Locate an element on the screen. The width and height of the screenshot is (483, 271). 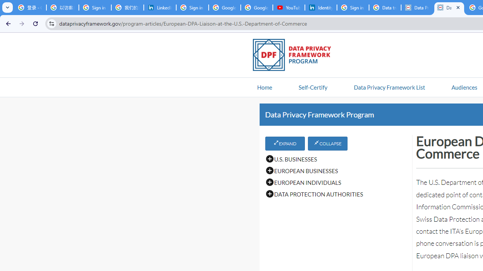
'Data Privacy Framework Logo - Link to Homepage' is located at coordinates (295, 56).